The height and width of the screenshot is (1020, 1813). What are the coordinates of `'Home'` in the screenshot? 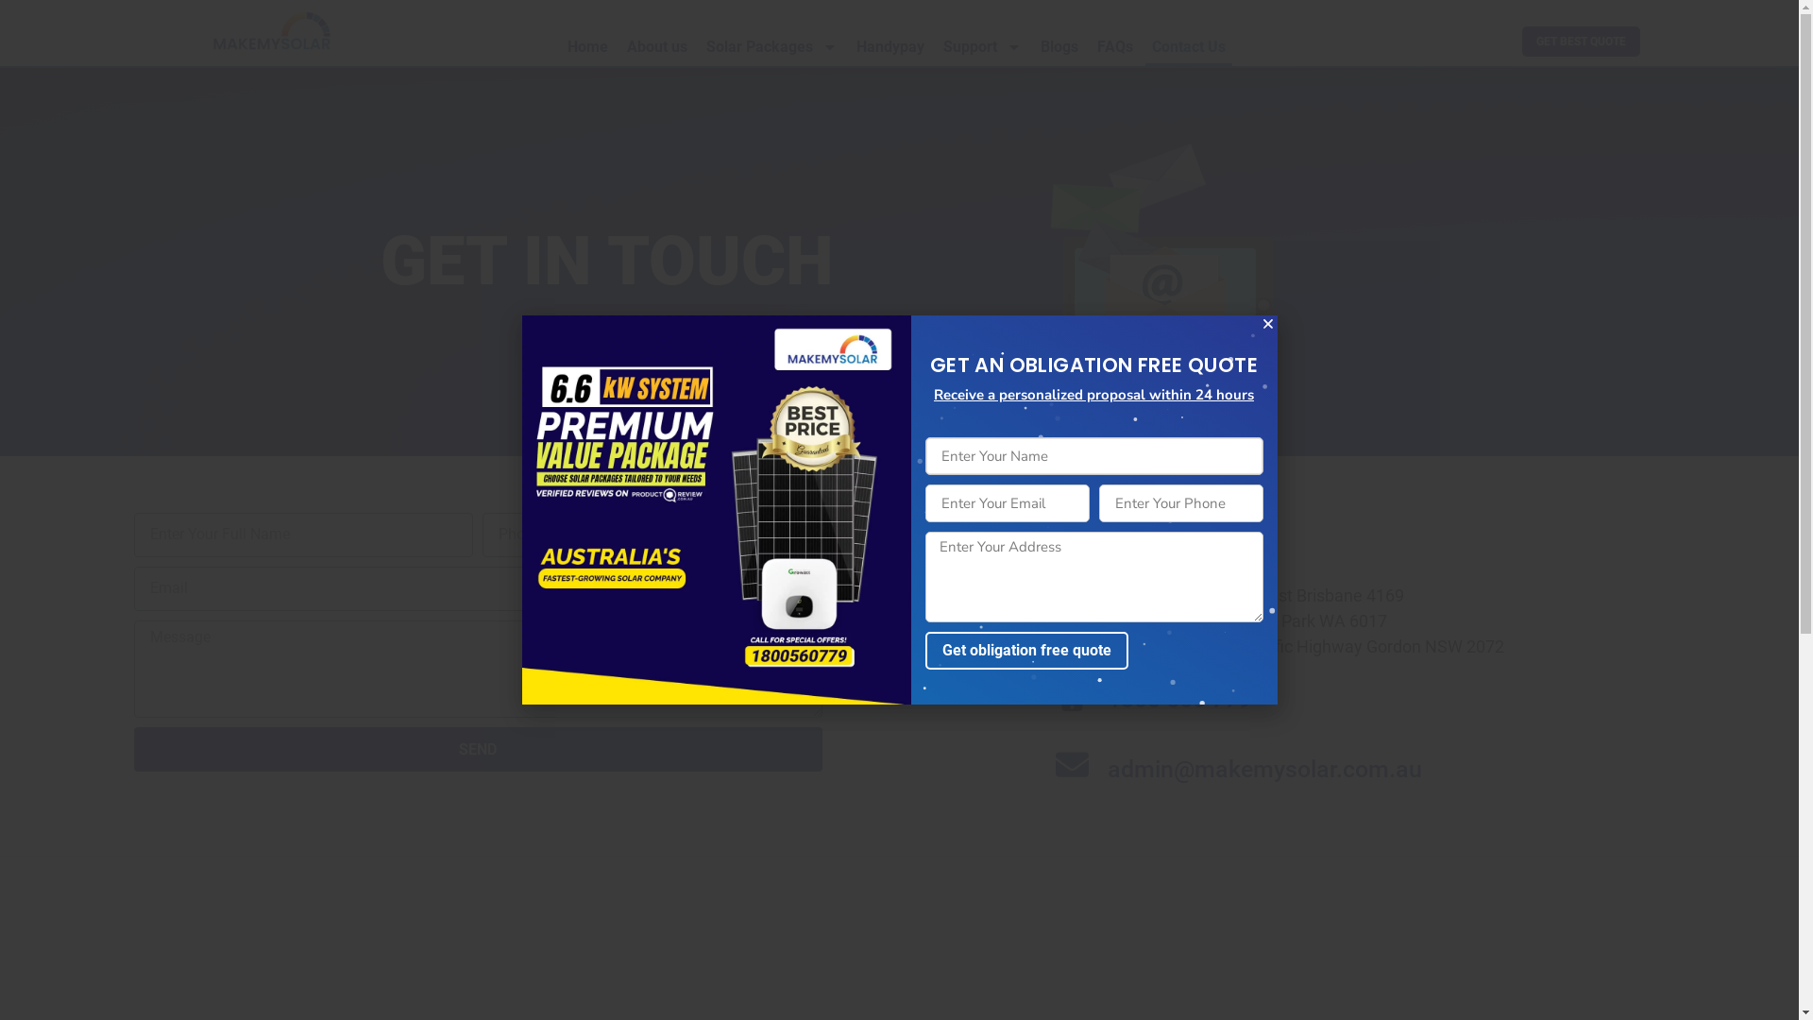 It's located at (586, 46).